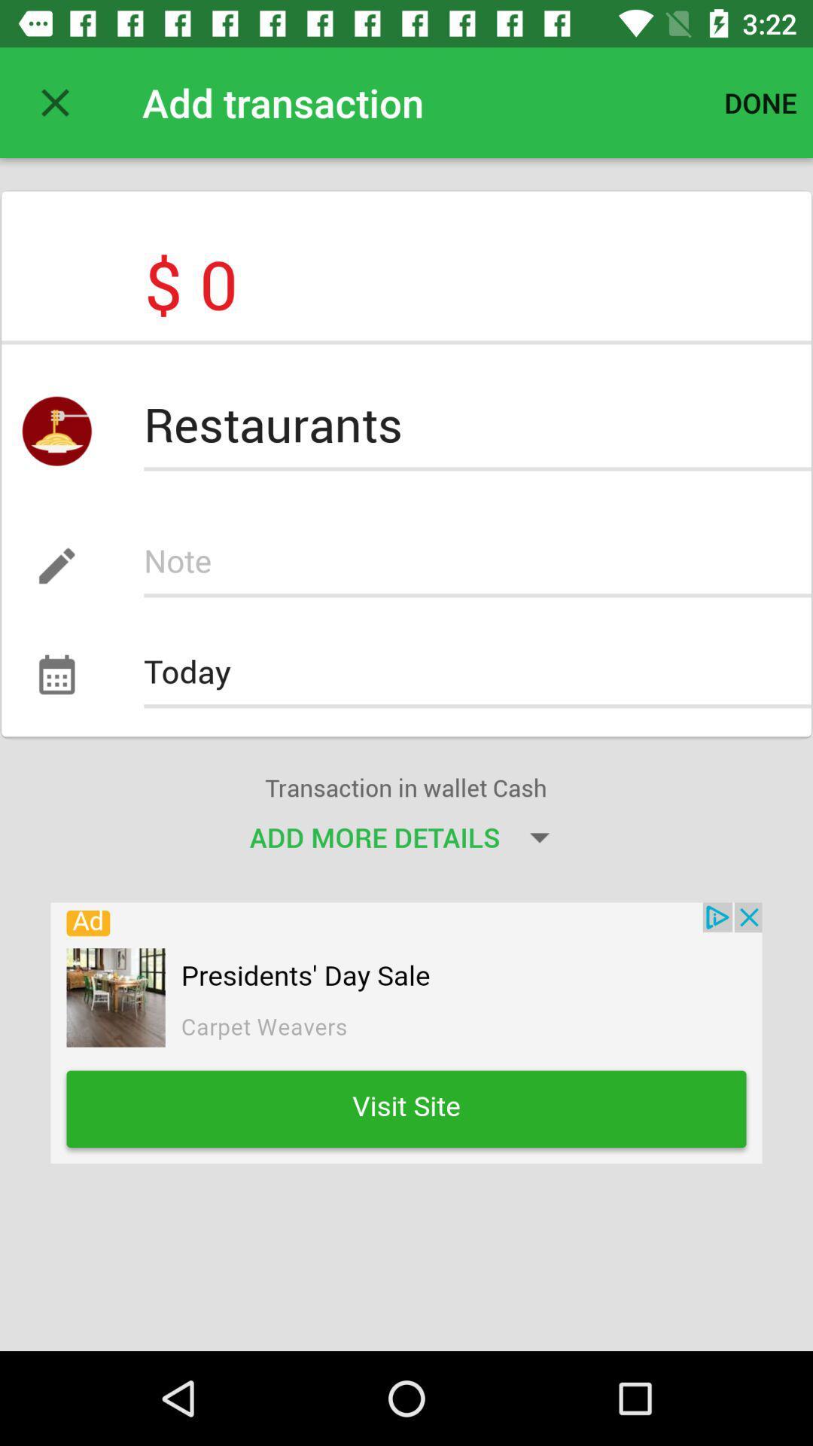  I want to click on notes box, so click(477, 565).